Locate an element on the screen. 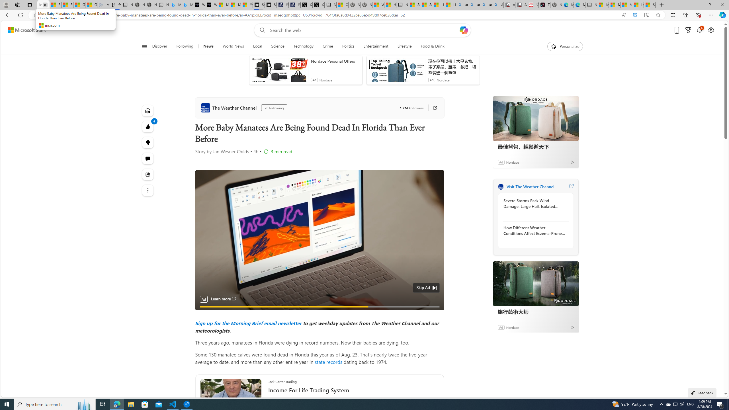  'News' is located at coordinates (208, 46).